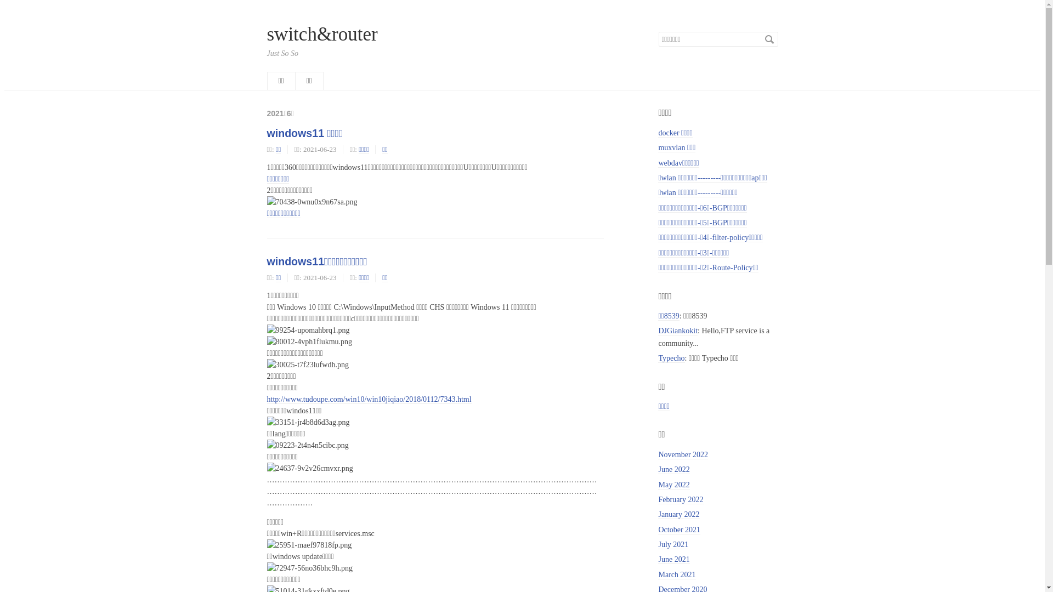 The width and height of the screenshot is (1053, 592). What do you see at coordinates (369, 400) in the screenshot?
I see `'http://www.tudoupe.com/win10/win10jiqiao/2018/0112/7343.html'` at bounding box center [369, 400].